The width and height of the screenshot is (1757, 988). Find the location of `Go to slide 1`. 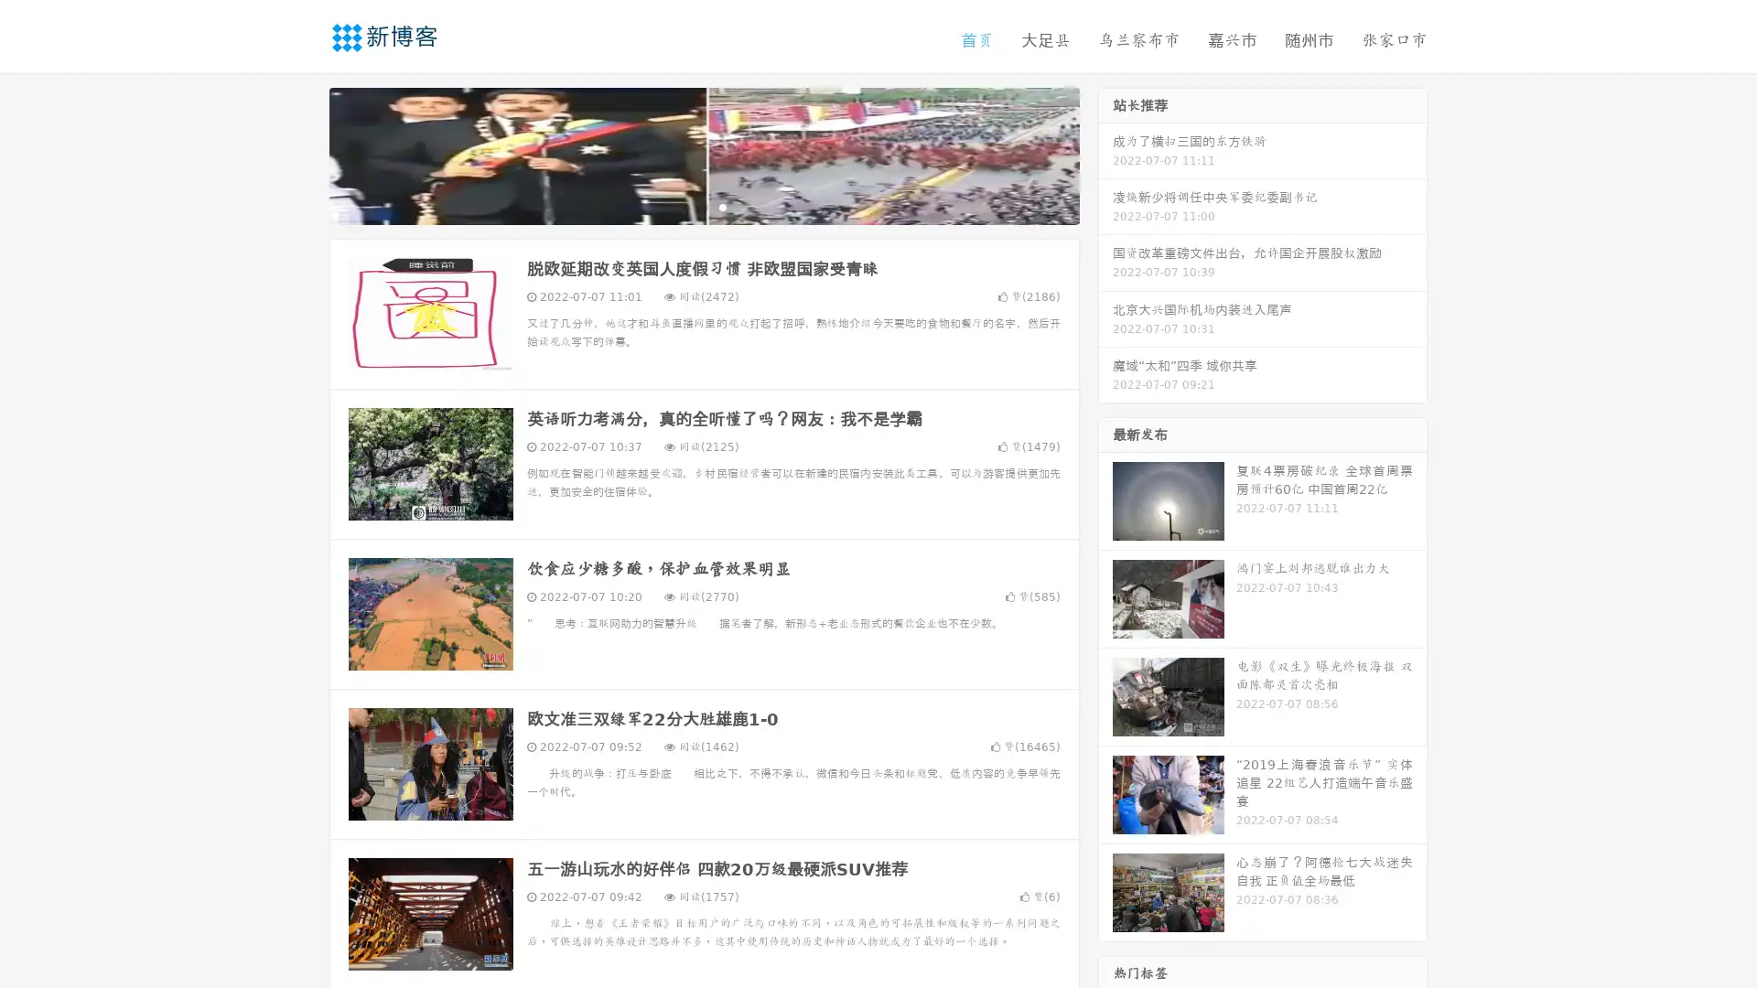

Go to slide 1 is located at coordinates (684, 206).